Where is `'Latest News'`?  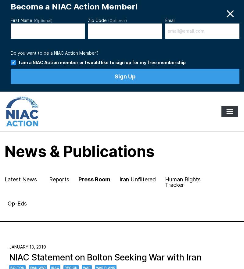 'Latest News' is located at coordinates (21, 179).